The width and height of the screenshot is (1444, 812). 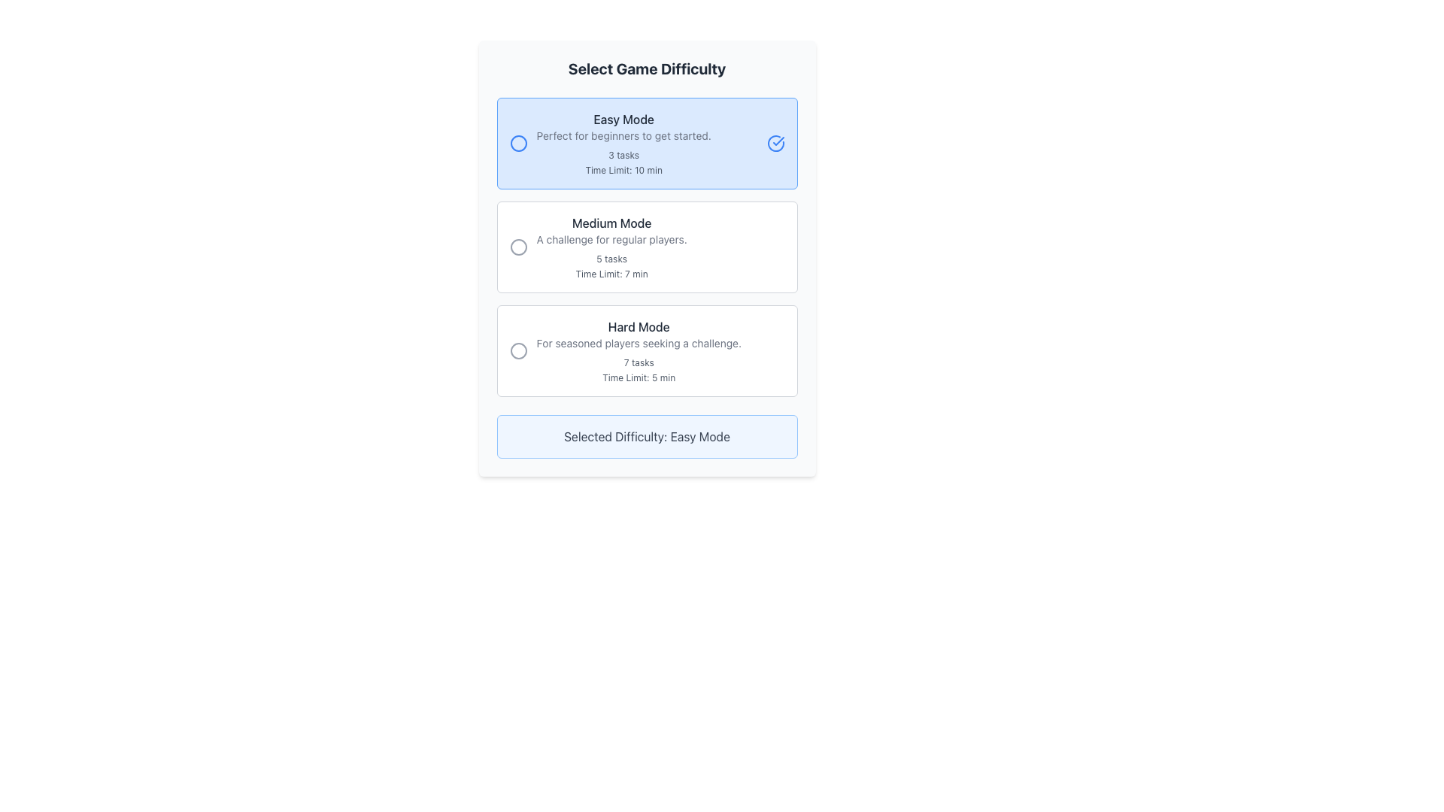 I want to click on the Text Block that displays '3 tasks' and 'Time Limit: 10 min' within the blue-highlighted box for 'Easy Mode.', so click(x=623, y=162).